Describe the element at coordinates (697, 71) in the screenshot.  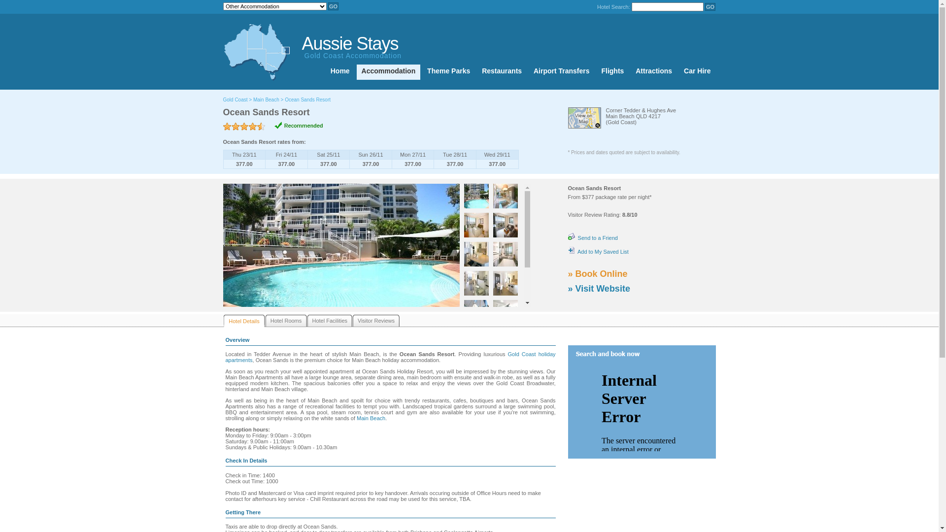
I see `'Car Hire'` at that location.